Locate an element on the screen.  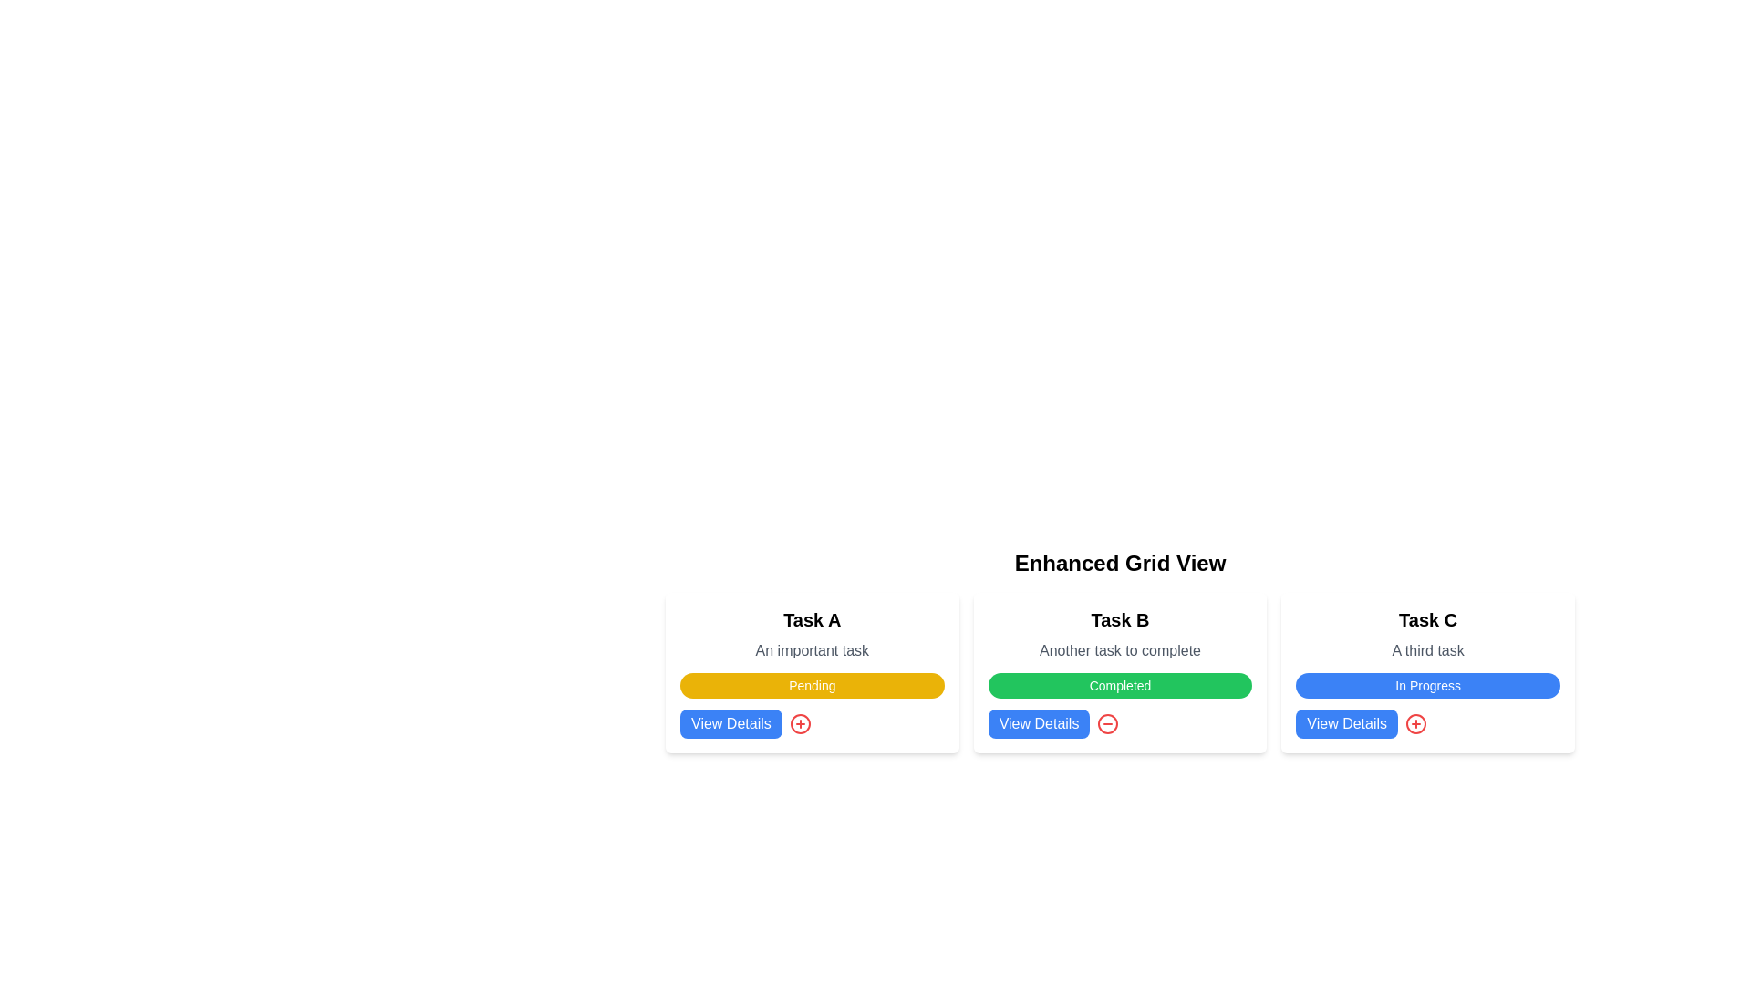
text label 'An important task' located within the white card below the heading 'Task A' and above the 'Pending' label is located at coordinates (811, 649).